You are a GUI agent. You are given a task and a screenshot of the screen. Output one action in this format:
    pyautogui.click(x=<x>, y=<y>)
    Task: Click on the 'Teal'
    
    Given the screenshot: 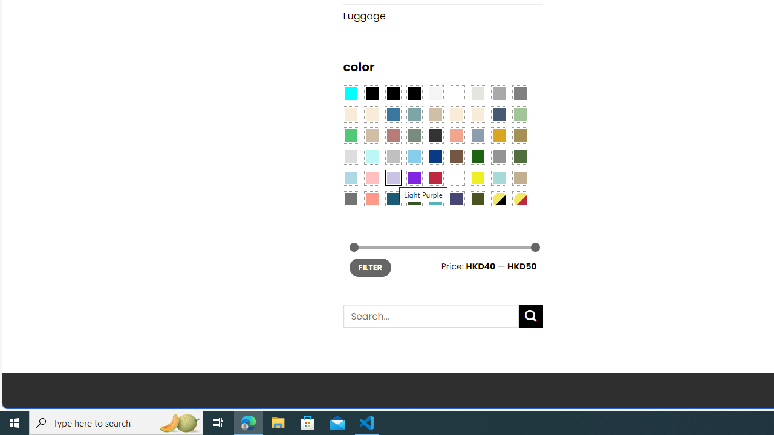 What is the action you would take?
    pyautogui.click(x=435, y=198)
    